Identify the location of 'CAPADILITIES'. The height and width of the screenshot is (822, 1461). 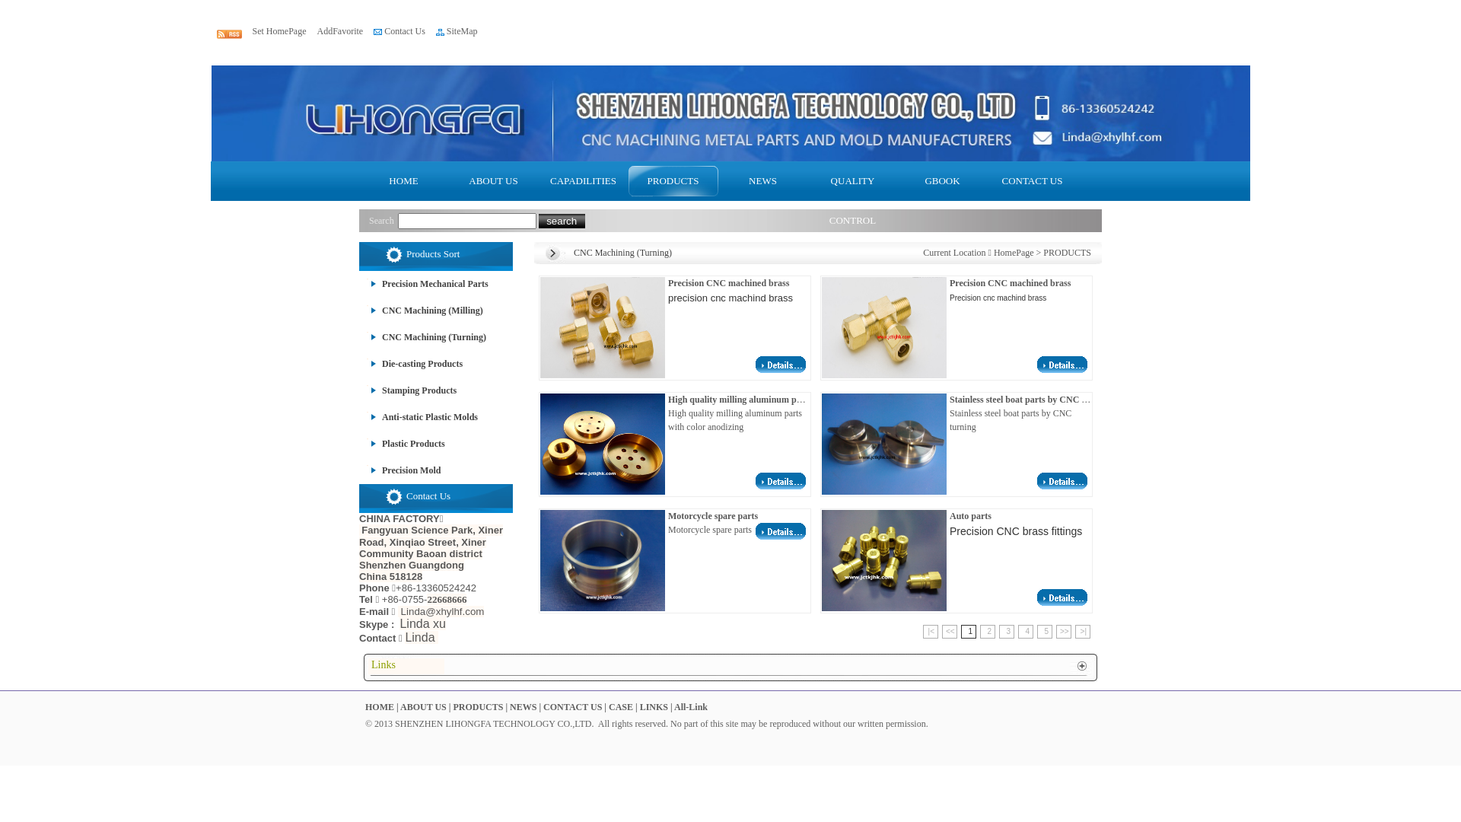
(583, 180).